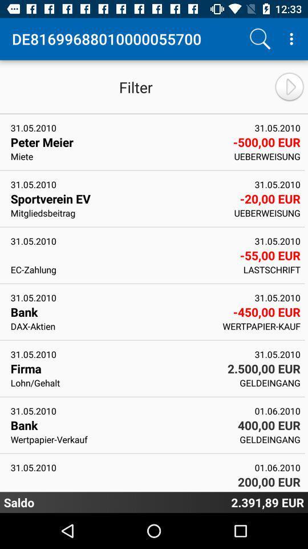 The height and width of the screenshot is (549, 308). What do you see at coordinates (120, 383) in the screenshot?
I see `lohn/gehalt` at bounding box center [120, 383].